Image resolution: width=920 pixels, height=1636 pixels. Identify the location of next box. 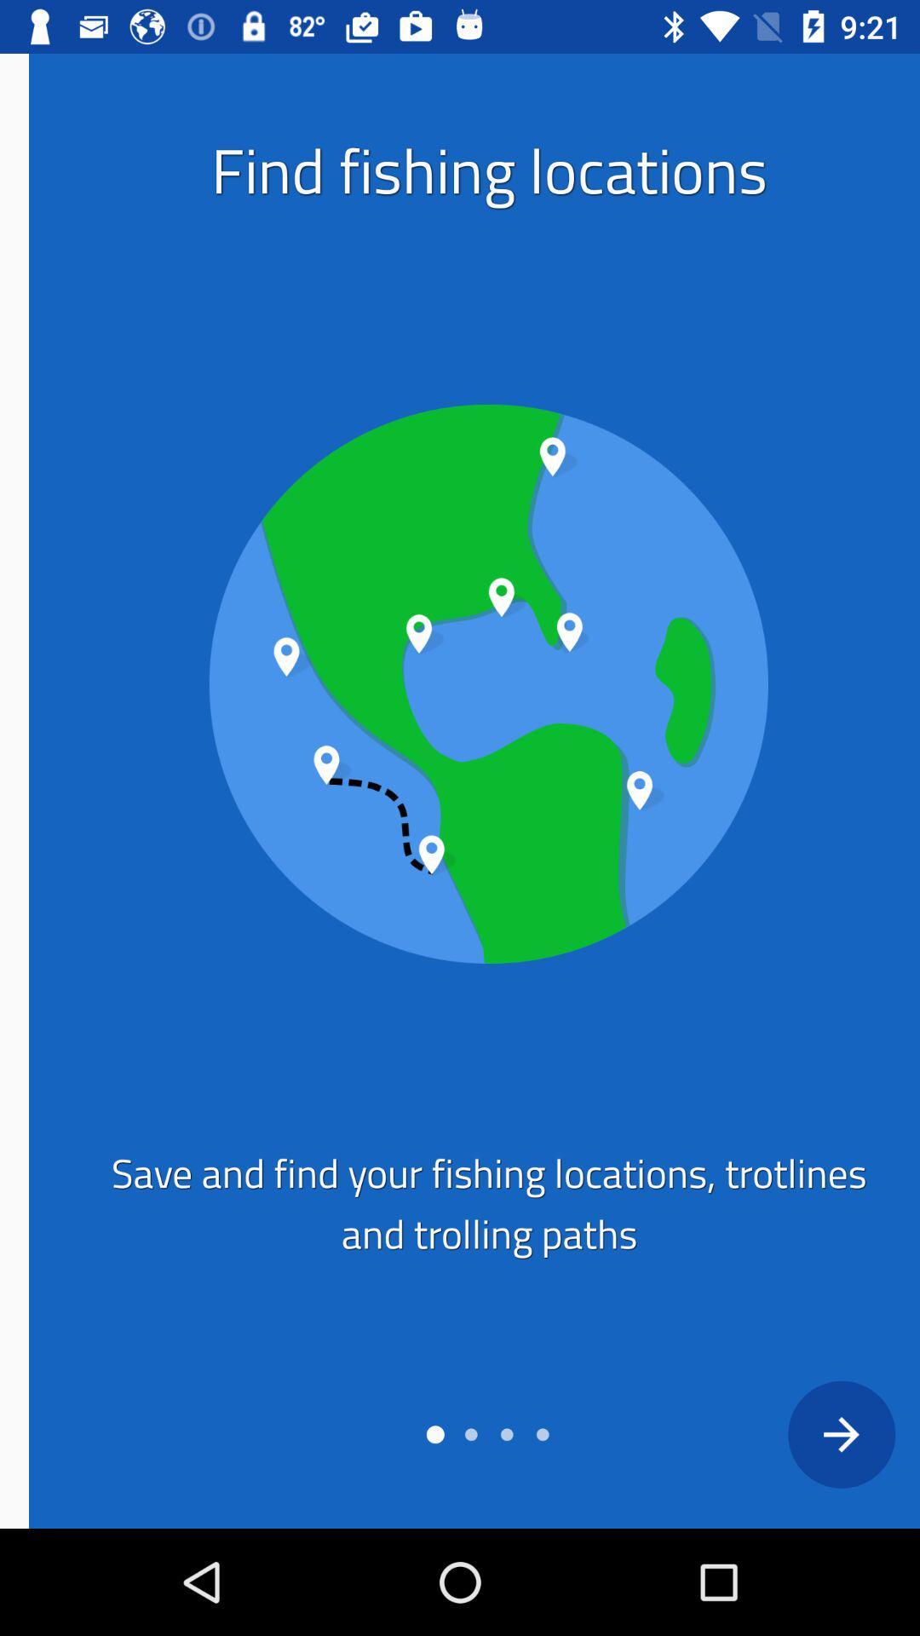
(811, 1433).